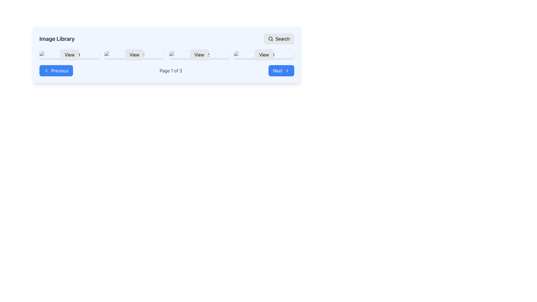 The width and height of the screenshot is (537, 302). I want to click on the button that enables the 'view' action associated with the neighboring thumbnail image, located in the second column of the grid layout, so click(134, 55).